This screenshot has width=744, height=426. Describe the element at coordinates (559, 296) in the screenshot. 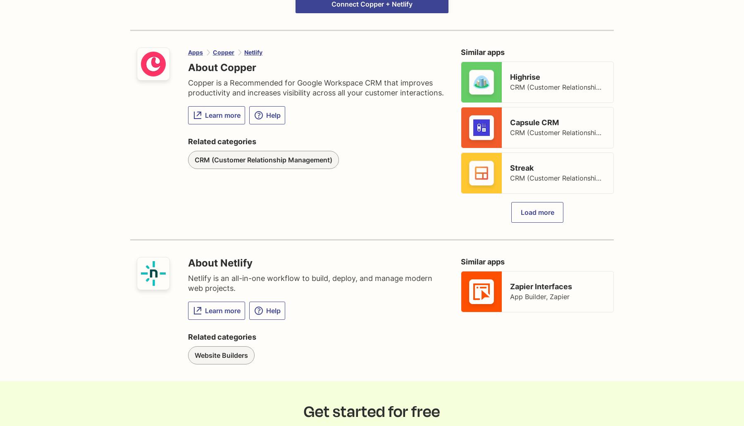

I see `'Zapier'` at that location.